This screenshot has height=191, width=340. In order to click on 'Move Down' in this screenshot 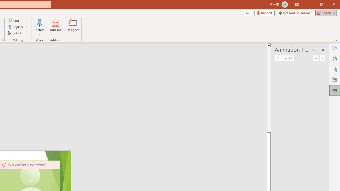, I will do `click(322, 58)`.